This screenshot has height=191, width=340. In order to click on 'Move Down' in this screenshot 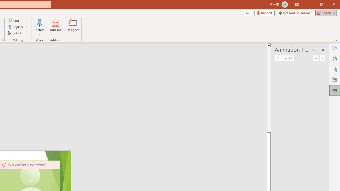, I will do `click(322, 58)`.